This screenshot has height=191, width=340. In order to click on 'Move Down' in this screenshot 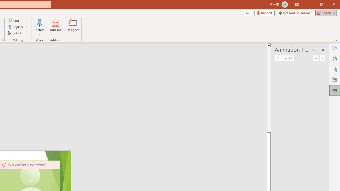, I will do `click(322, 58)`.